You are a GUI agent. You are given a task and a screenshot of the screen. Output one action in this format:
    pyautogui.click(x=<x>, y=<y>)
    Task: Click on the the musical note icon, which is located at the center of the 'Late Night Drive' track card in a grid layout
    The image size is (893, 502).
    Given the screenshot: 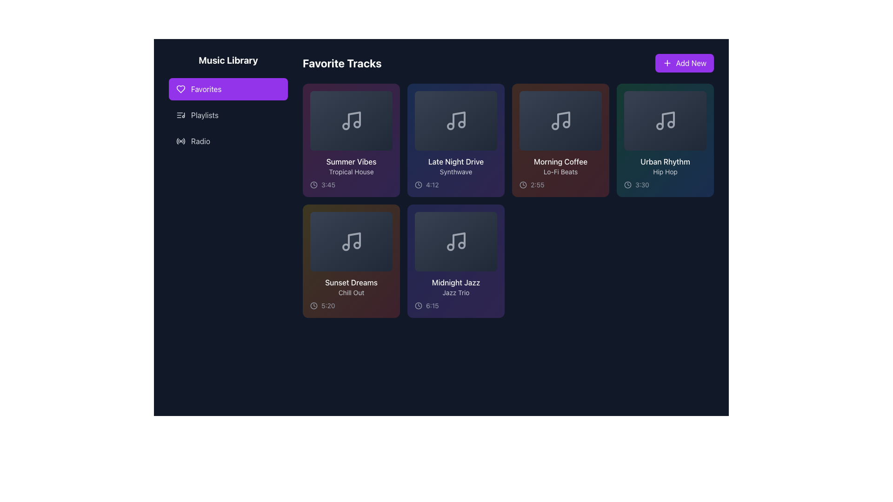 What is the action you would take?
    pyautogui.click(x=456, y=120)
    